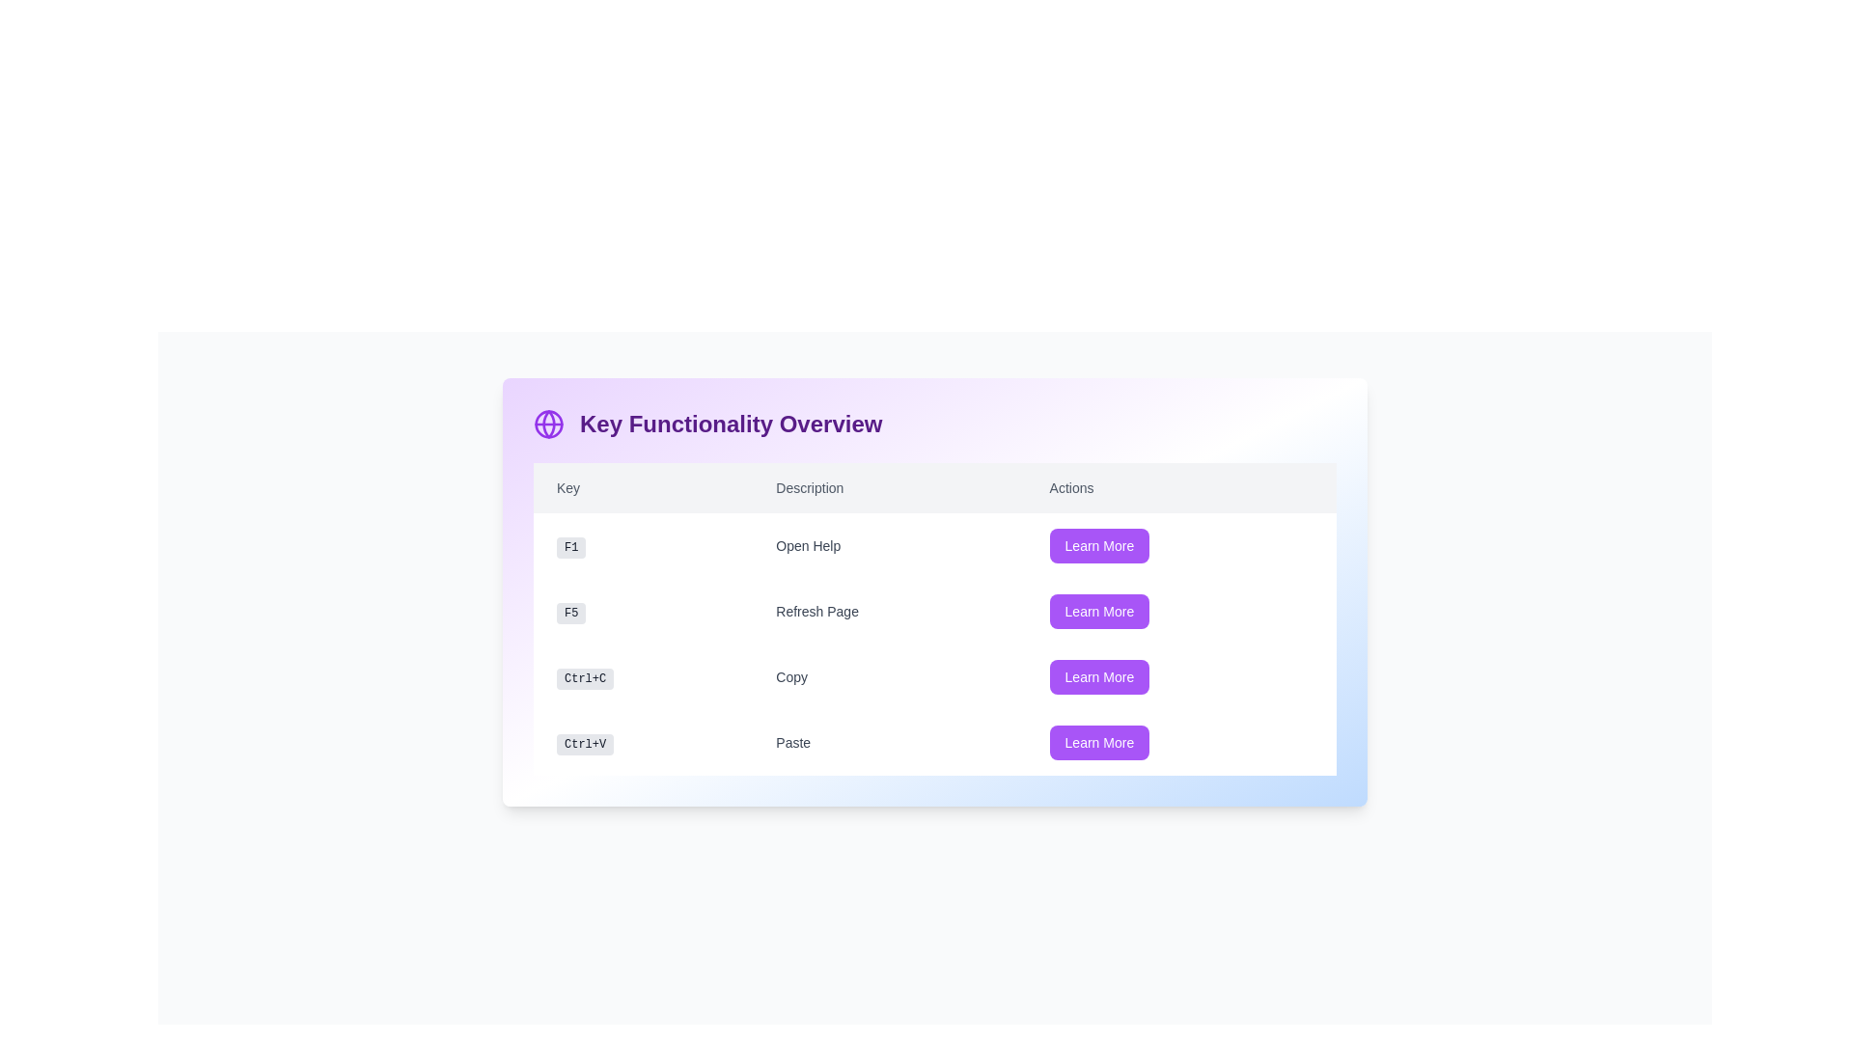 The height and width of the screenshot is (1042, 1853). What do you see at coordinates (570, 614) in the screenshot?
I see `the static label or badge displaying 'F5' in the 'Key' column of the Key Functionality Overview table` at bounding box center [570, 614].